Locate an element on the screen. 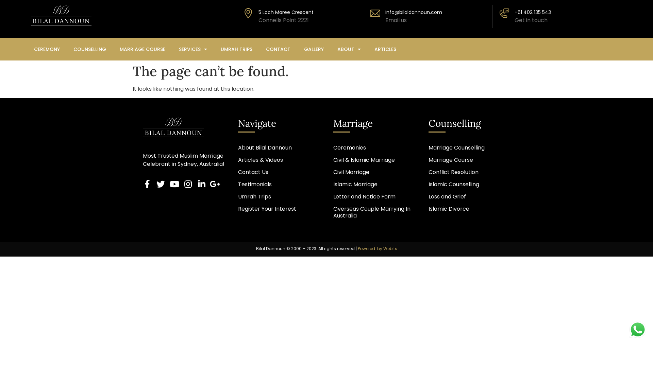  'SERVICES' is located at coordinates (192, 49).